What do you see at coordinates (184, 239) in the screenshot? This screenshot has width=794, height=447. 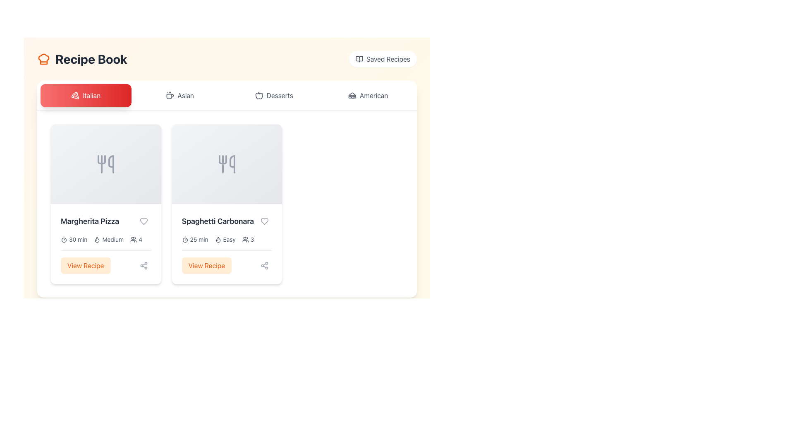 I see `the timer icon (SVG) representing preparation time in the second recipe card, located to the left of the '25 min' text` at bounding box center [184, 239].